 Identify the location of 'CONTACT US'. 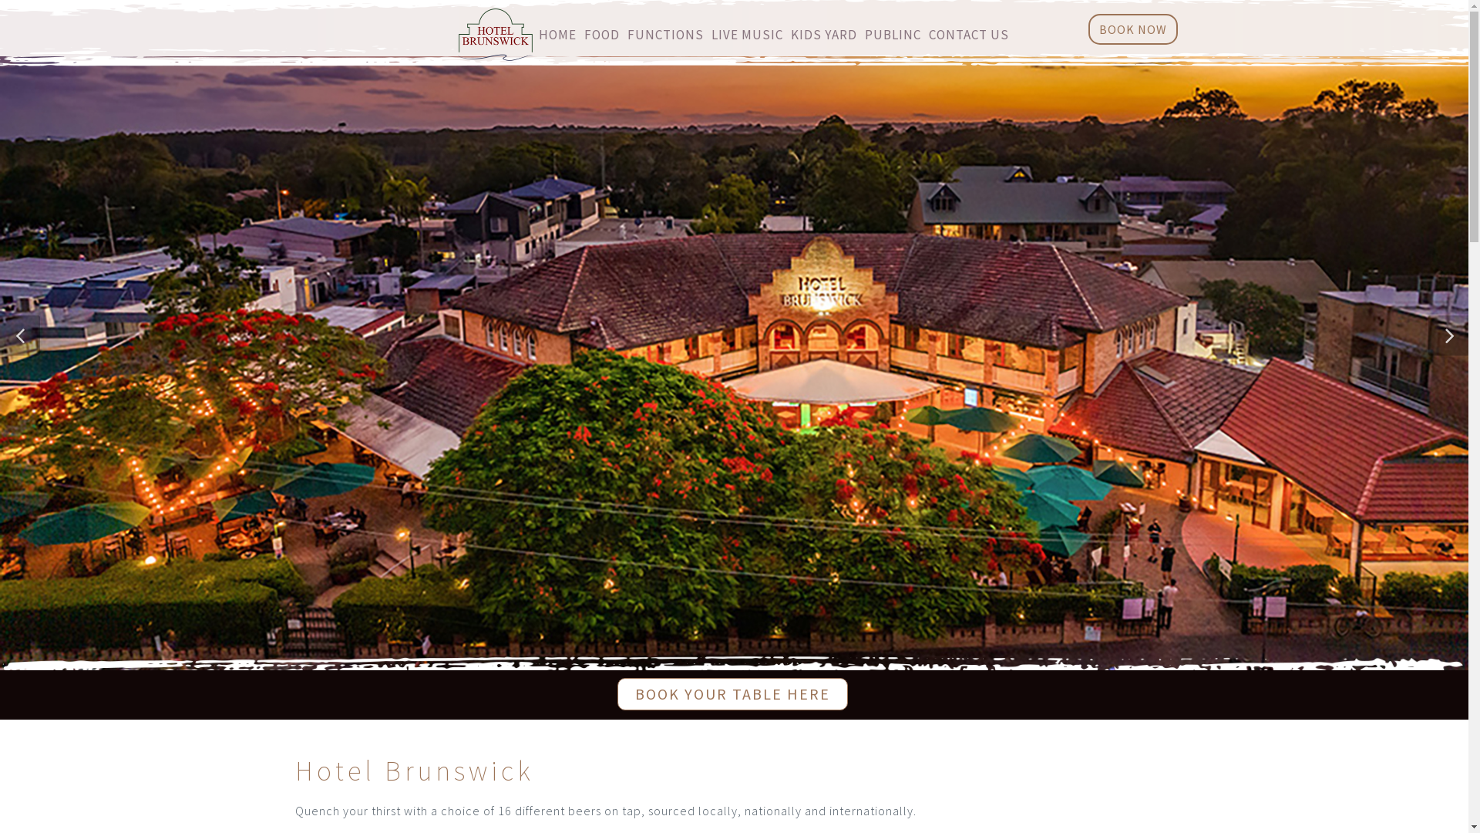
(967, 35).